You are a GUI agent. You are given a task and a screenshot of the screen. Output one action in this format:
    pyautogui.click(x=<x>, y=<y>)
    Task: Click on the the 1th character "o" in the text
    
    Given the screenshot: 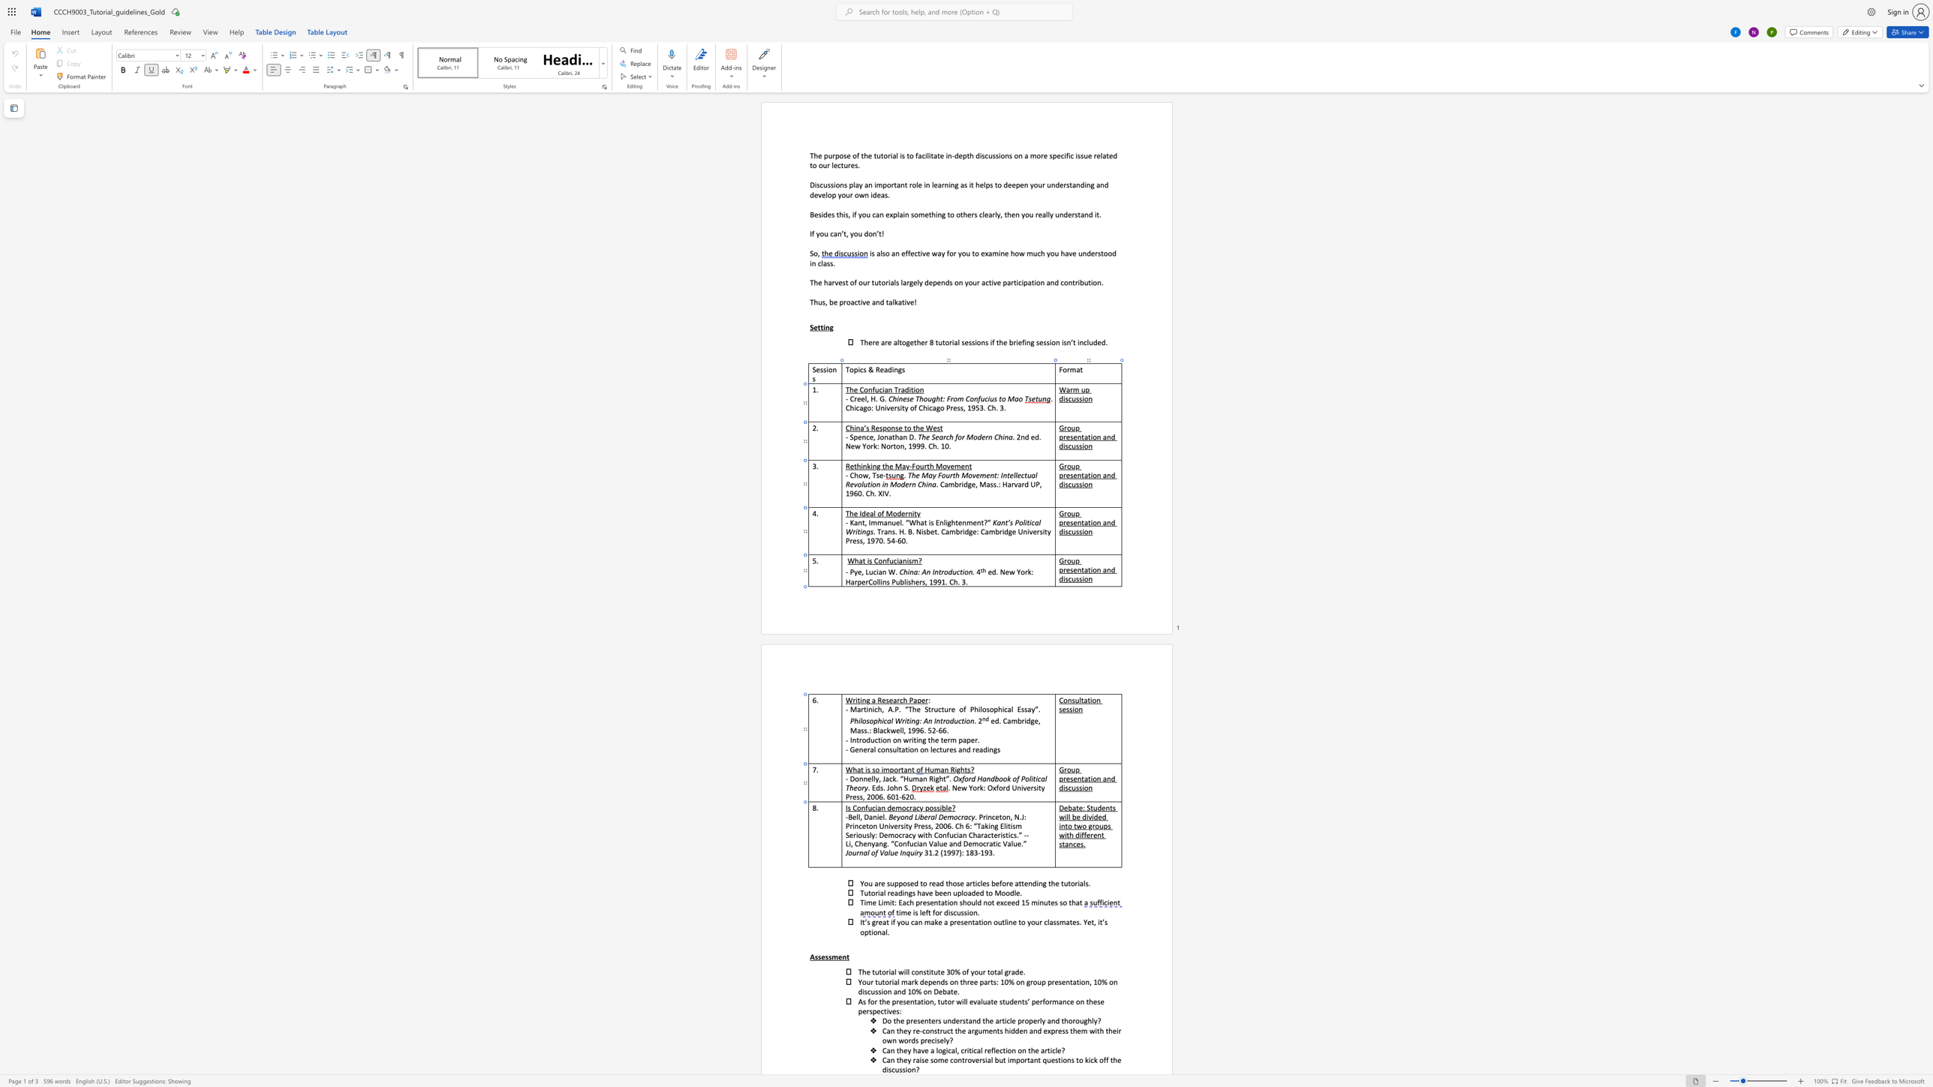 What is the action you would take?
    pyautogui.click(x=858, y=807)
    